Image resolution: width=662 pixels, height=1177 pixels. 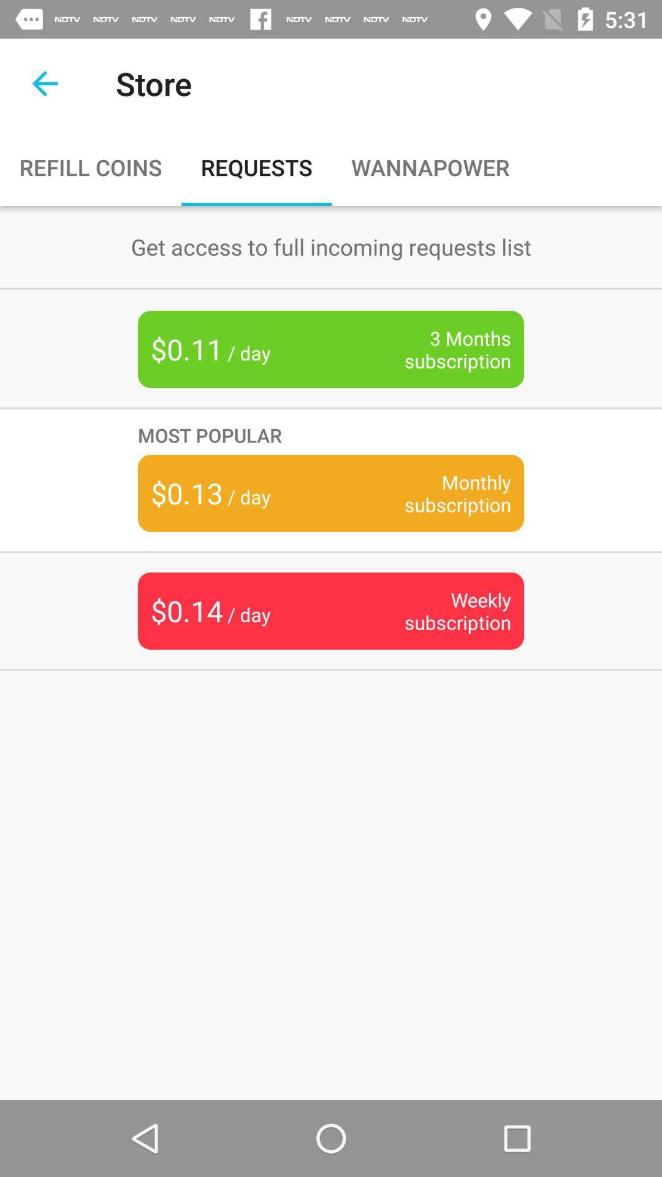 What do you see at coordinates (44, 83) in the screenshot?
I see `back arrow` at bounding box center [44, 83].